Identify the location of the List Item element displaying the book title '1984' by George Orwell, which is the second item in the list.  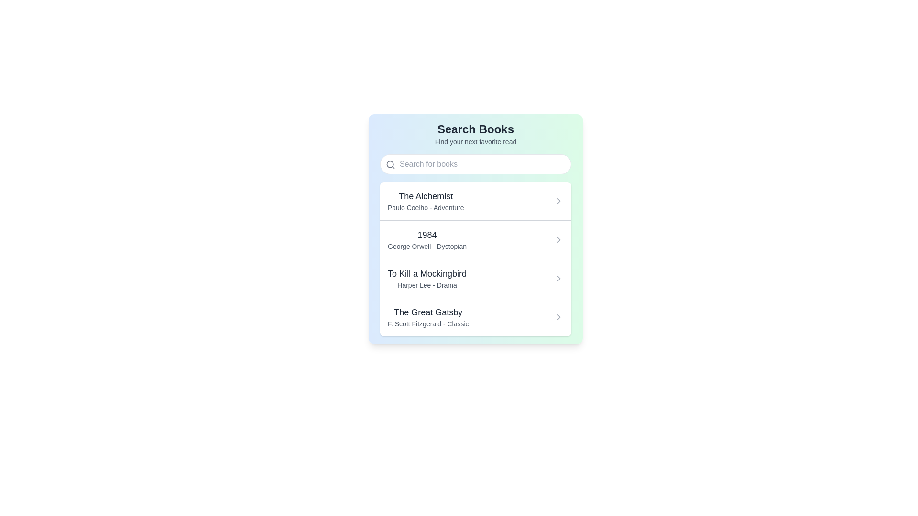
(475, 239).